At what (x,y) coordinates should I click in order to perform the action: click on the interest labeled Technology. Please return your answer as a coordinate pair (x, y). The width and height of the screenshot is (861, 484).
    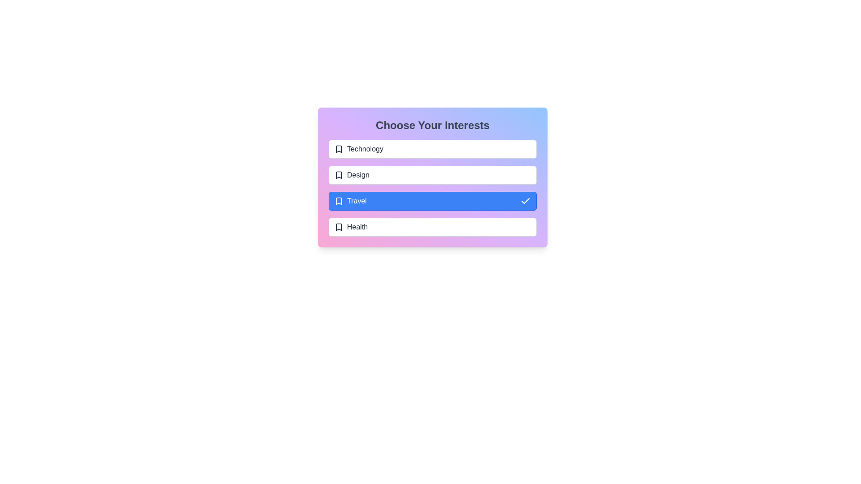
    Looking at the image, I should click on (432, 148).